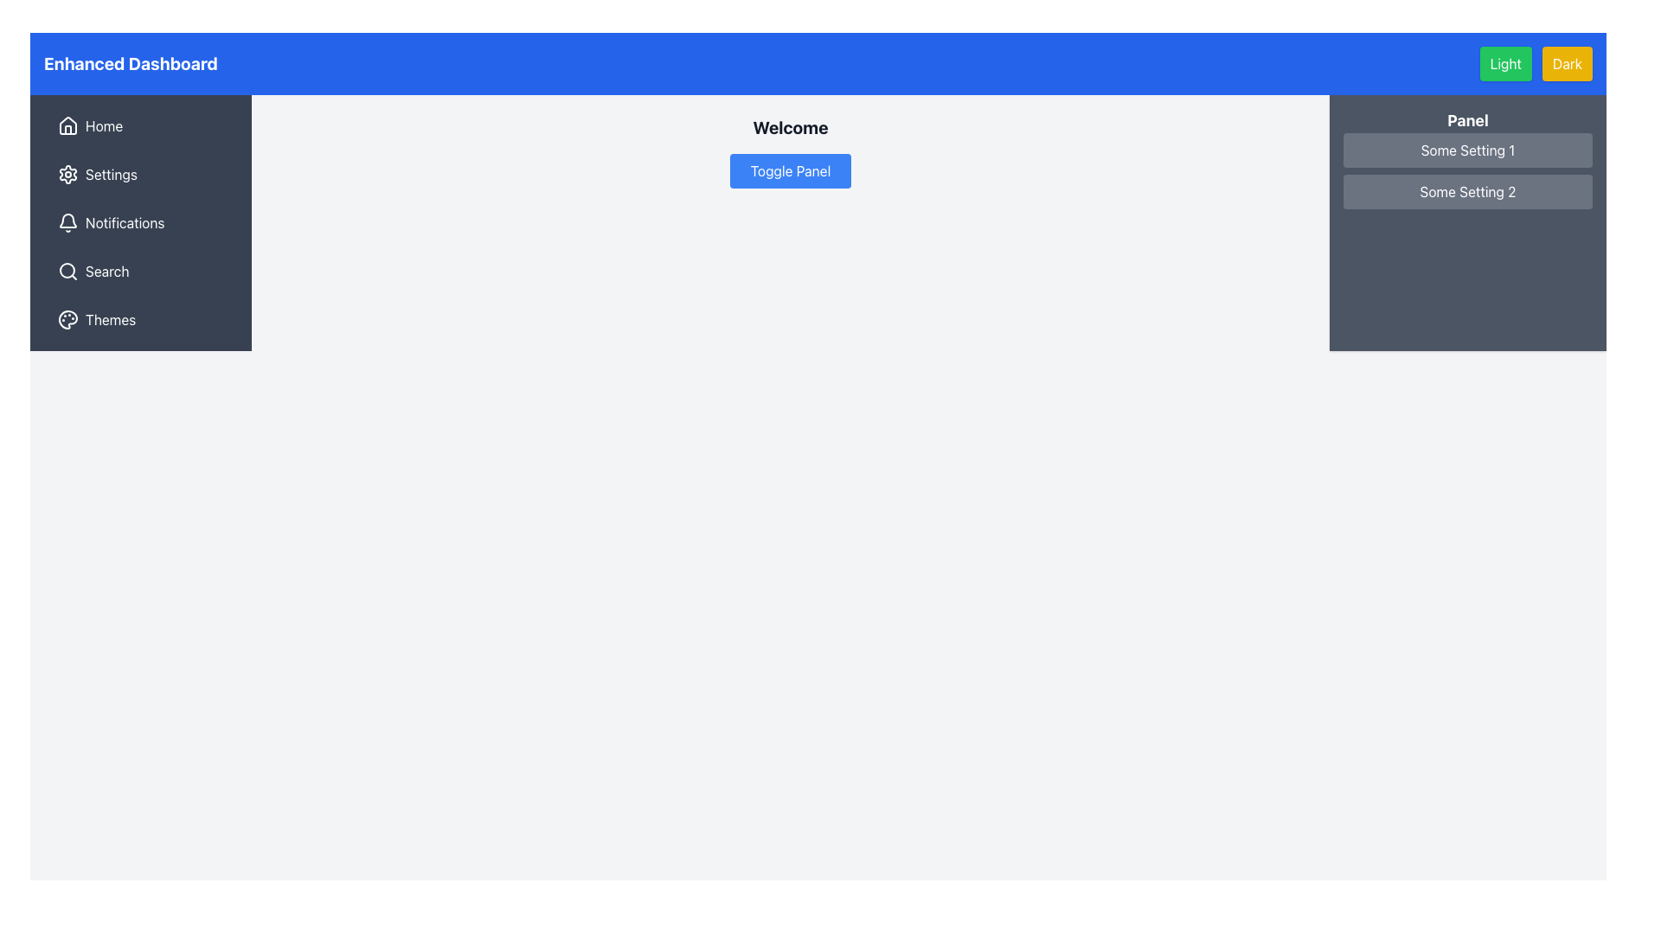 The image size is (1661, 934). I want to click on the palette icon located at the bottom of the left-hand side panel, so click(67, 320).